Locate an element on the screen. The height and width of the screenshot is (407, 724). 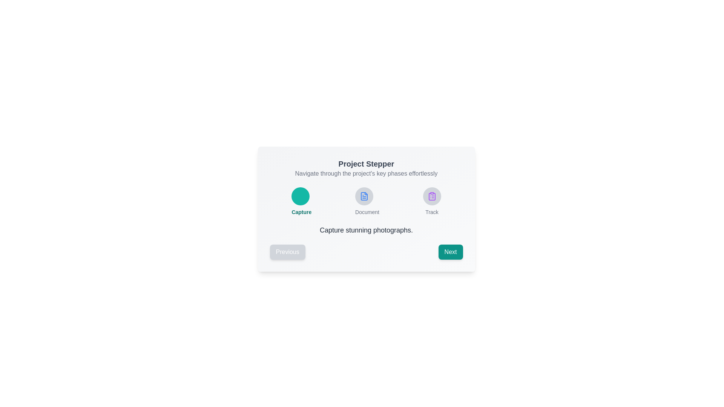
the step icon for Track is located at coordinates (432, 196).